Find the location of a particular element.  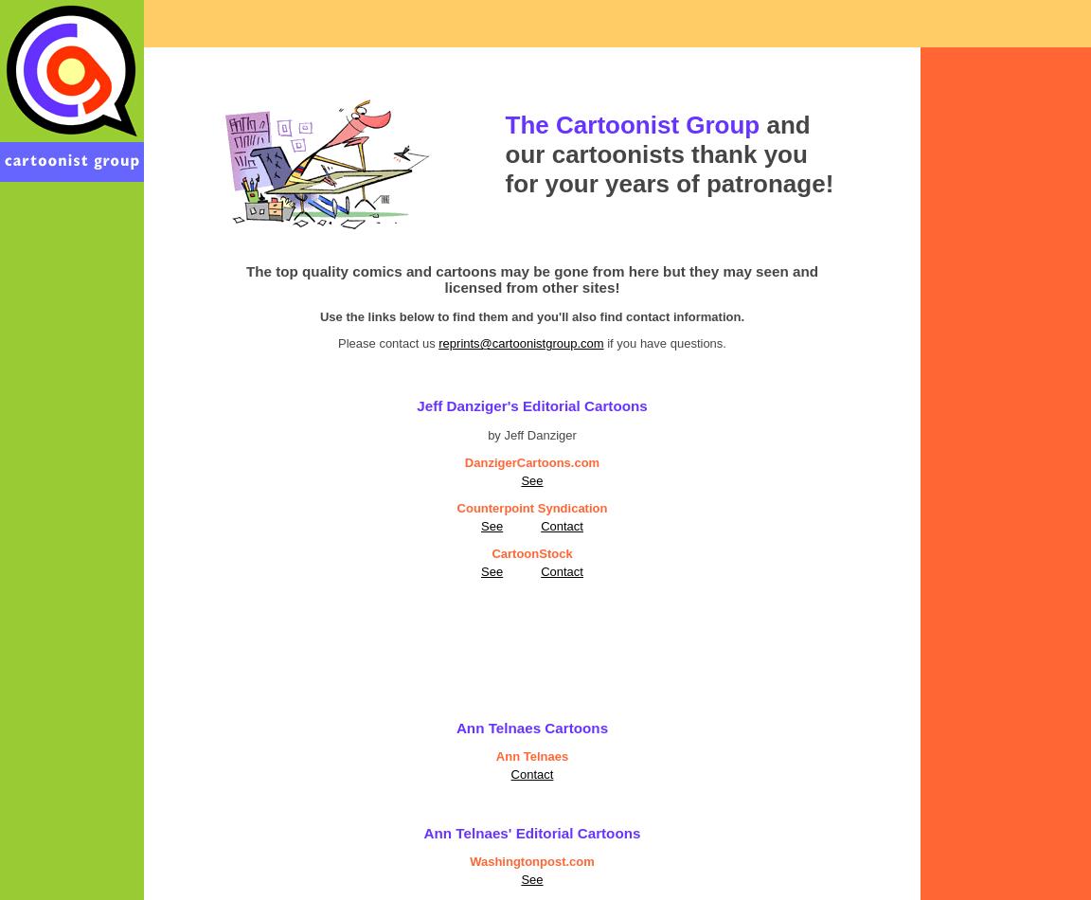

'if you have questions.' is located at coordinates (602, 342).